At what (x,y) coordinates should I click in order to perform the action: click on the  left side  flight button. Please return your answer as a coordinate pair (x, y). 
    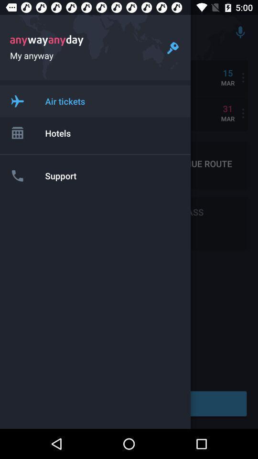
    Looking at the image, I should click on (17, 101).